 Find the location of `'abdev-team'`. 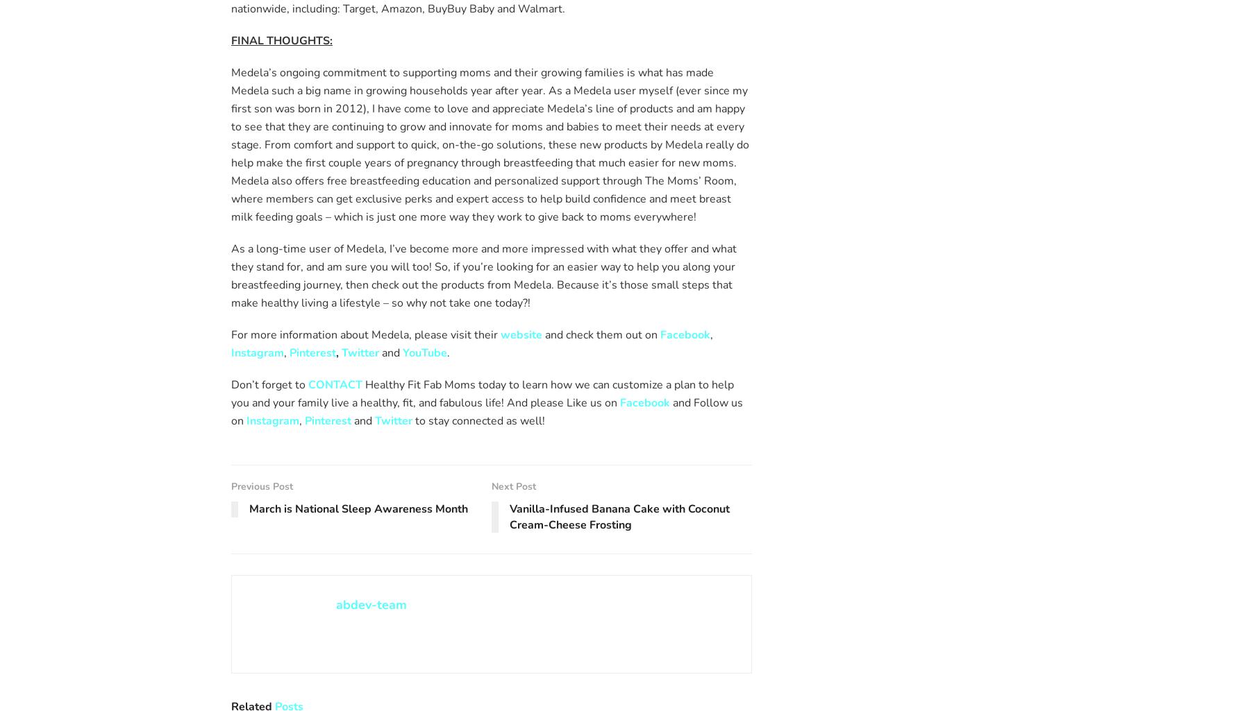

'abdev-team' is located at coordinates (370, 604).